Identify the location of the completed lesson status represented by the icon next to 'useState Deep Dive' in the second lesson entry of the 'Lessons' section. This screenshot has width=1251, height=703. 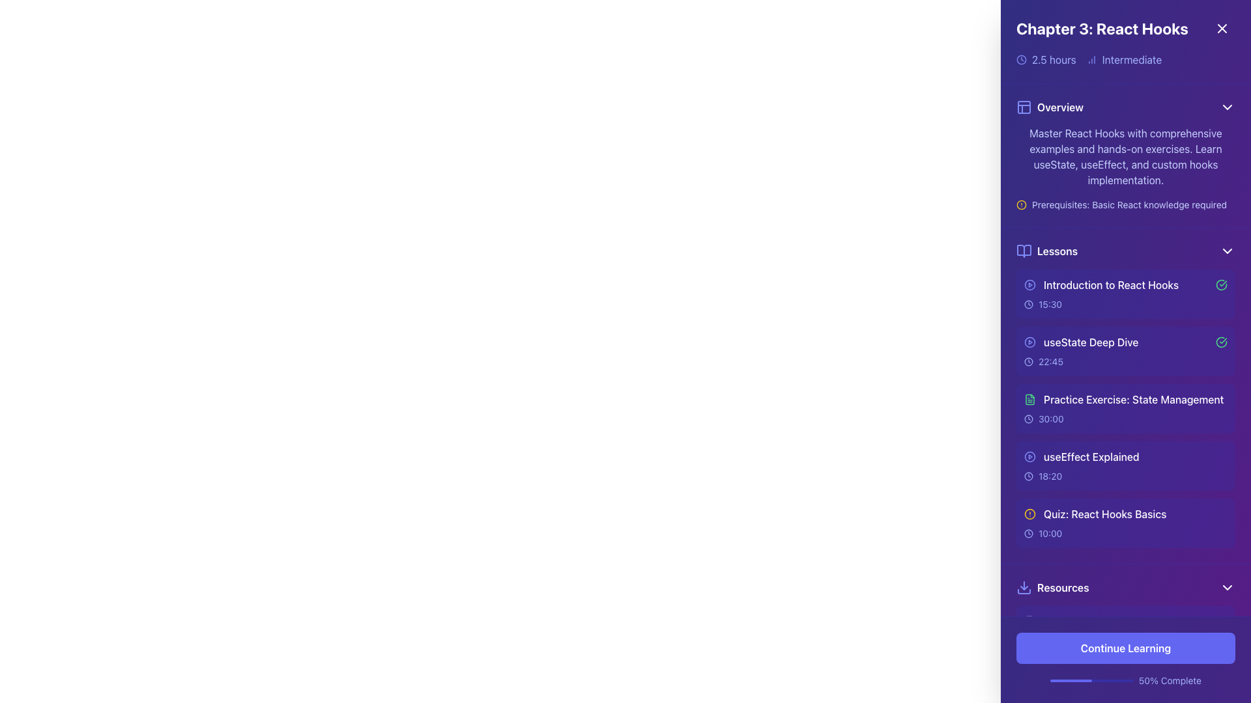
(1221, 284).